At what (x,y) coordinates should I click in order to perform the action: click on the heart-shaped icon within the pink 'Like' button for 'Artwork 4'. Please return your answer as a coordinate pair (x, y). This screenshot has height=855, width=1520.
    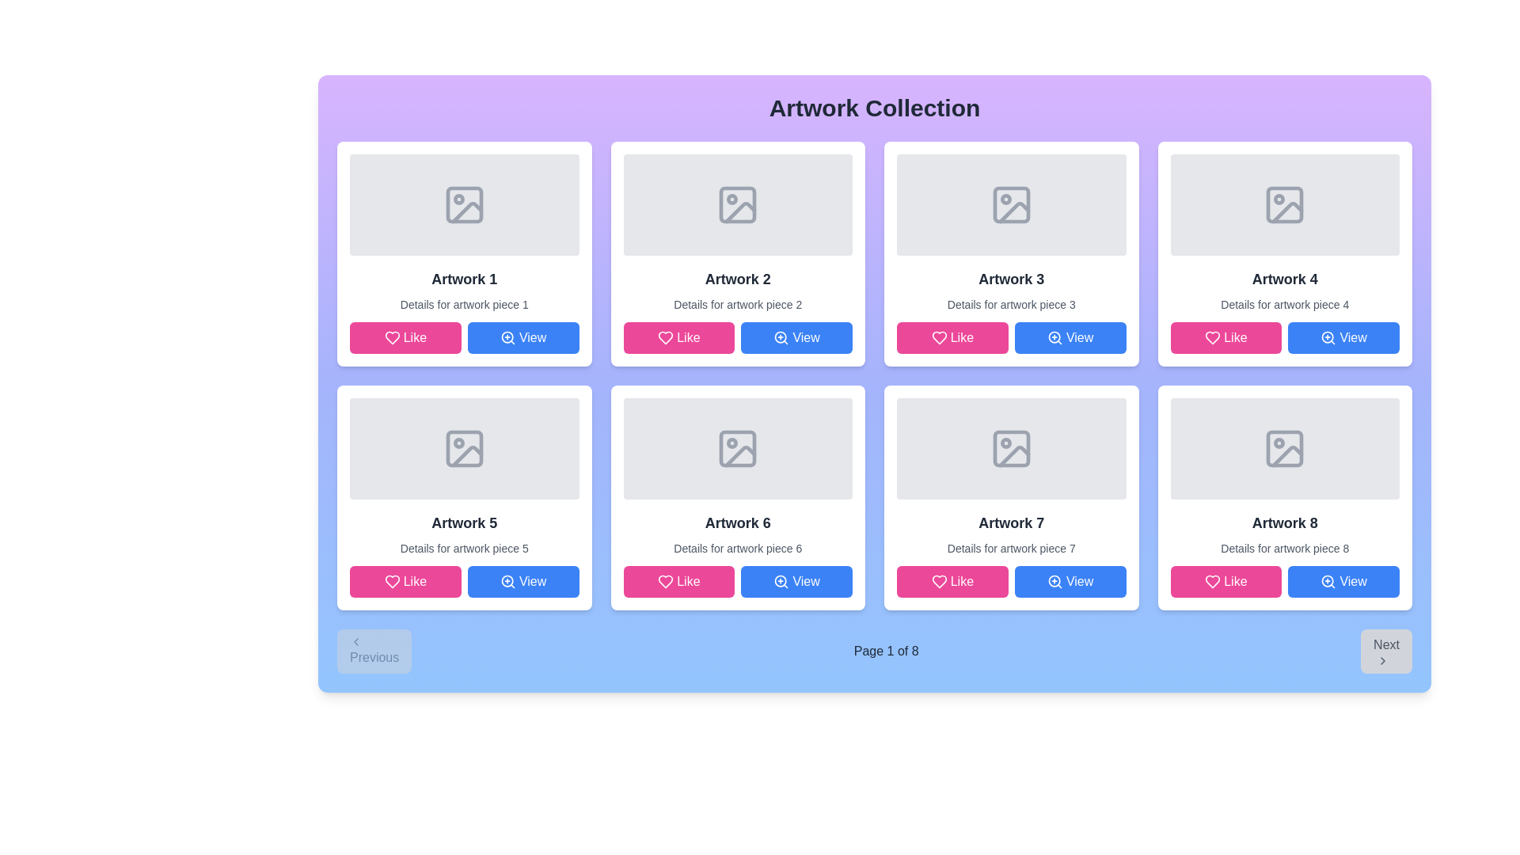
    Looking at the image, I should click on (1212, 337).